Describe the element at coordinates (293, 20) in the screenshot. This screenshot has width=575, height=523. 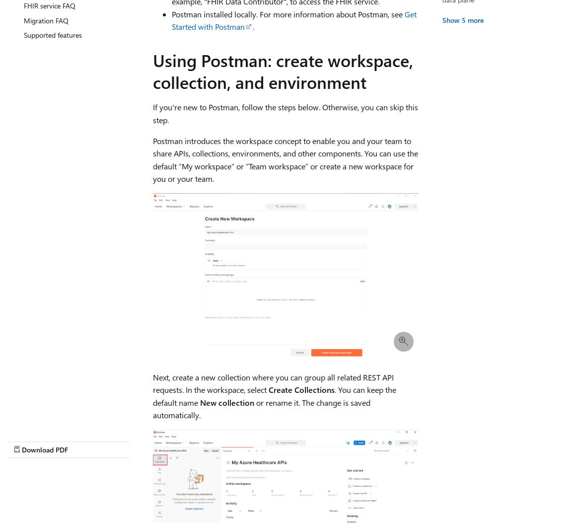
I see `'Get Started with Postman'` at that location.